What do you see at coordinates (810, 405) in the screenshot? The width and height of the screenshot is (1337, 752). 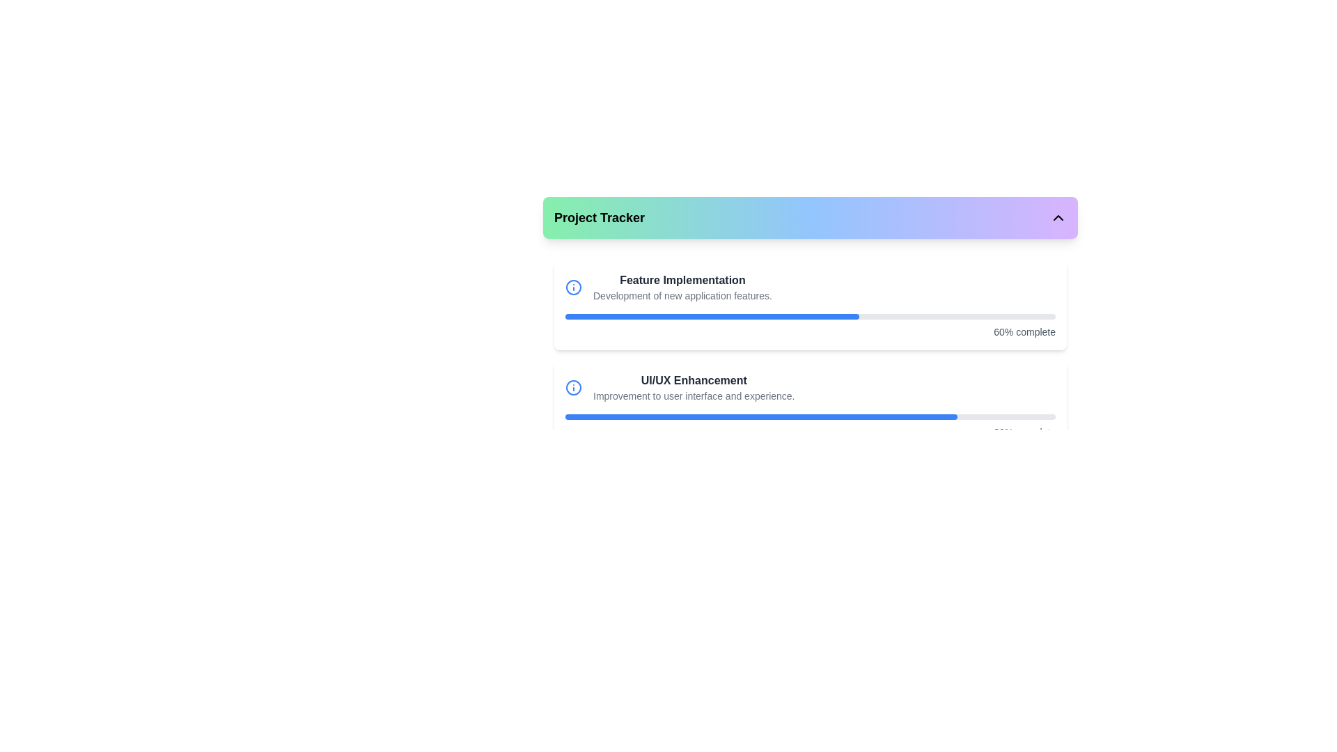 I see `the second Card element in the list of progress cards that displays information about a specific enhancement task related to UI/UX improvements` at bounding box center [810, 405].